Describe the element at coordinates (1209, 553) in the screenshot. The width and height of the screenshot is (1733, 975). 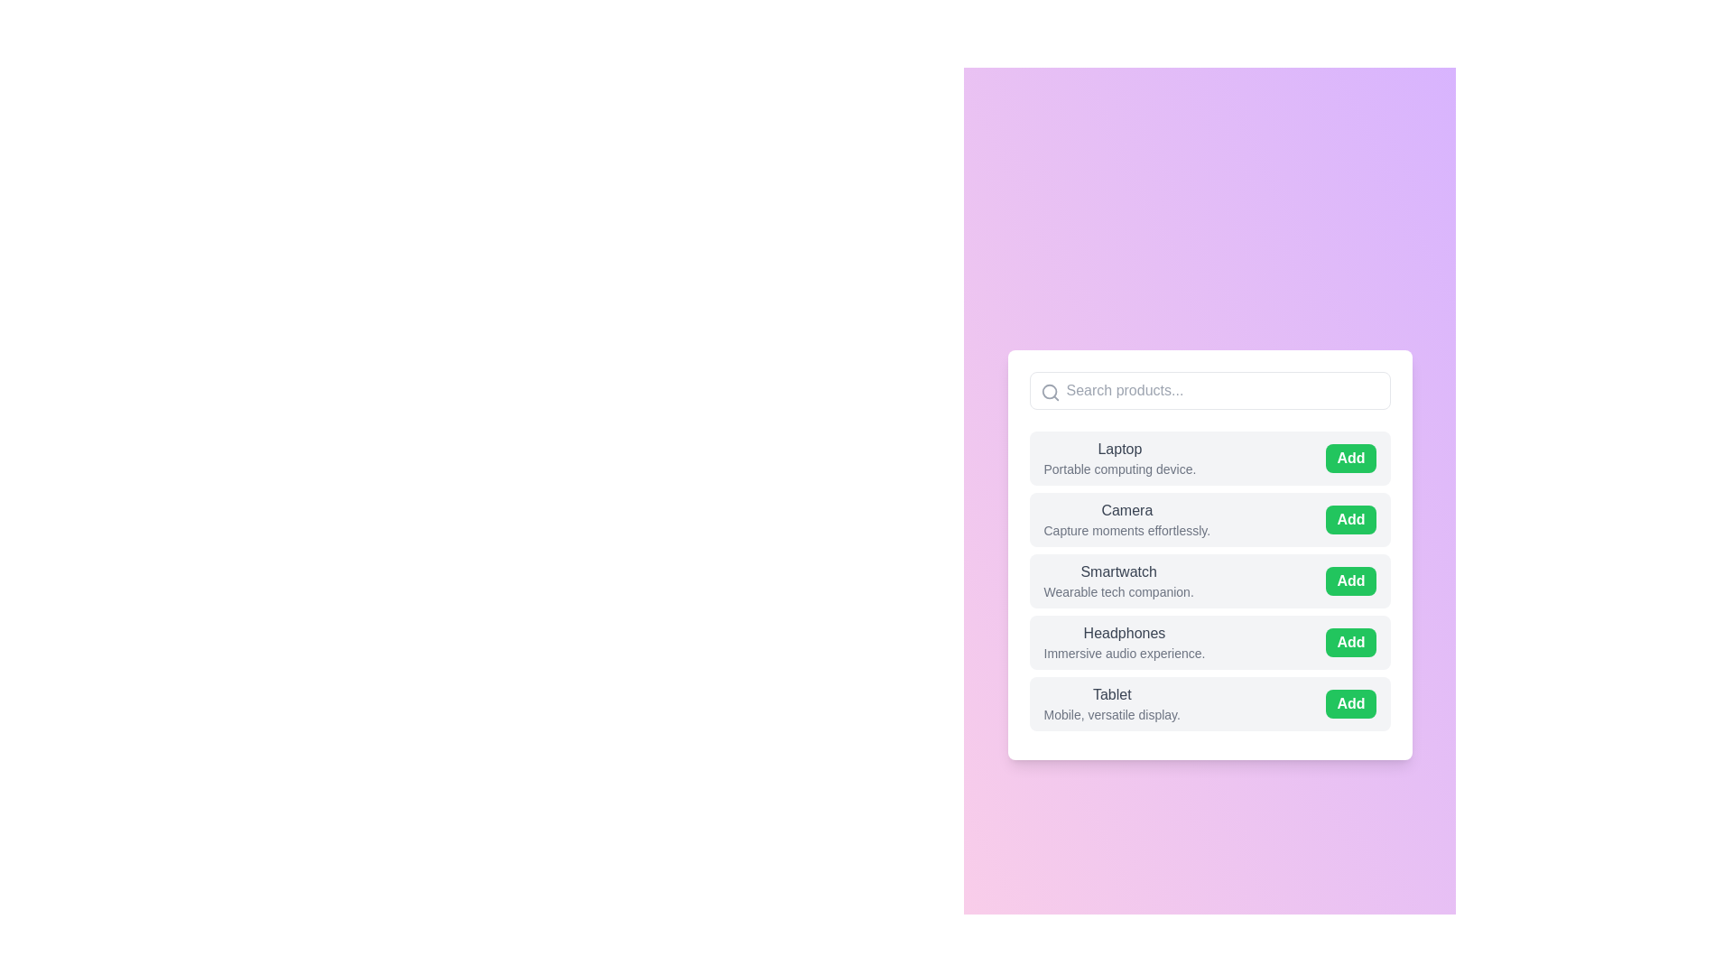
I see `the product name and description for the 'Smartwatch' item in the product list, which is the third row in the list of five items` at that location.